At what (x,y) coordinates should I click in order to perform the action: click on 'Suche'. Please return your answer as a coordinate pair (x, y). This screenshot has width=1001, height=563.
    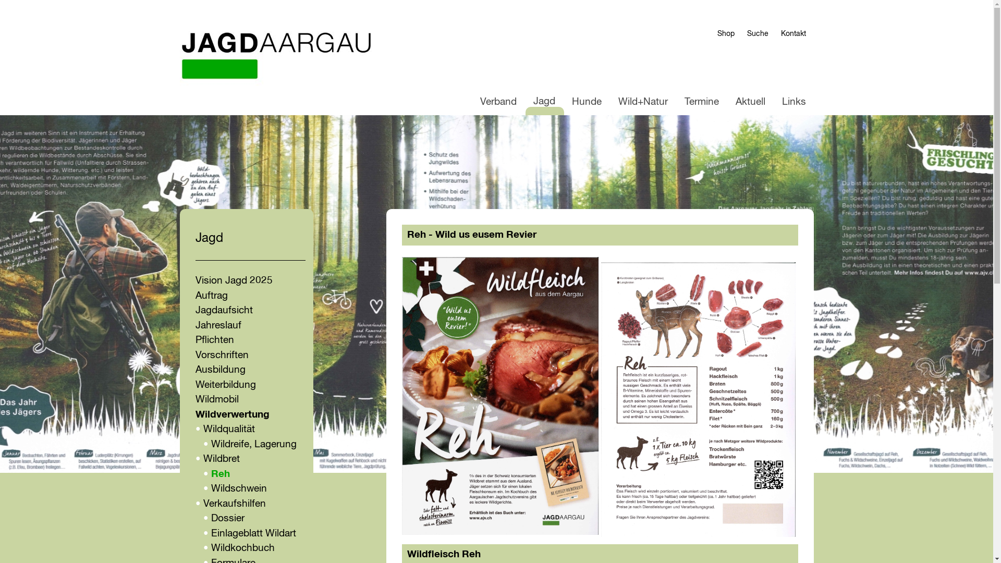
    Looking at the image, I should click on (757, 33).